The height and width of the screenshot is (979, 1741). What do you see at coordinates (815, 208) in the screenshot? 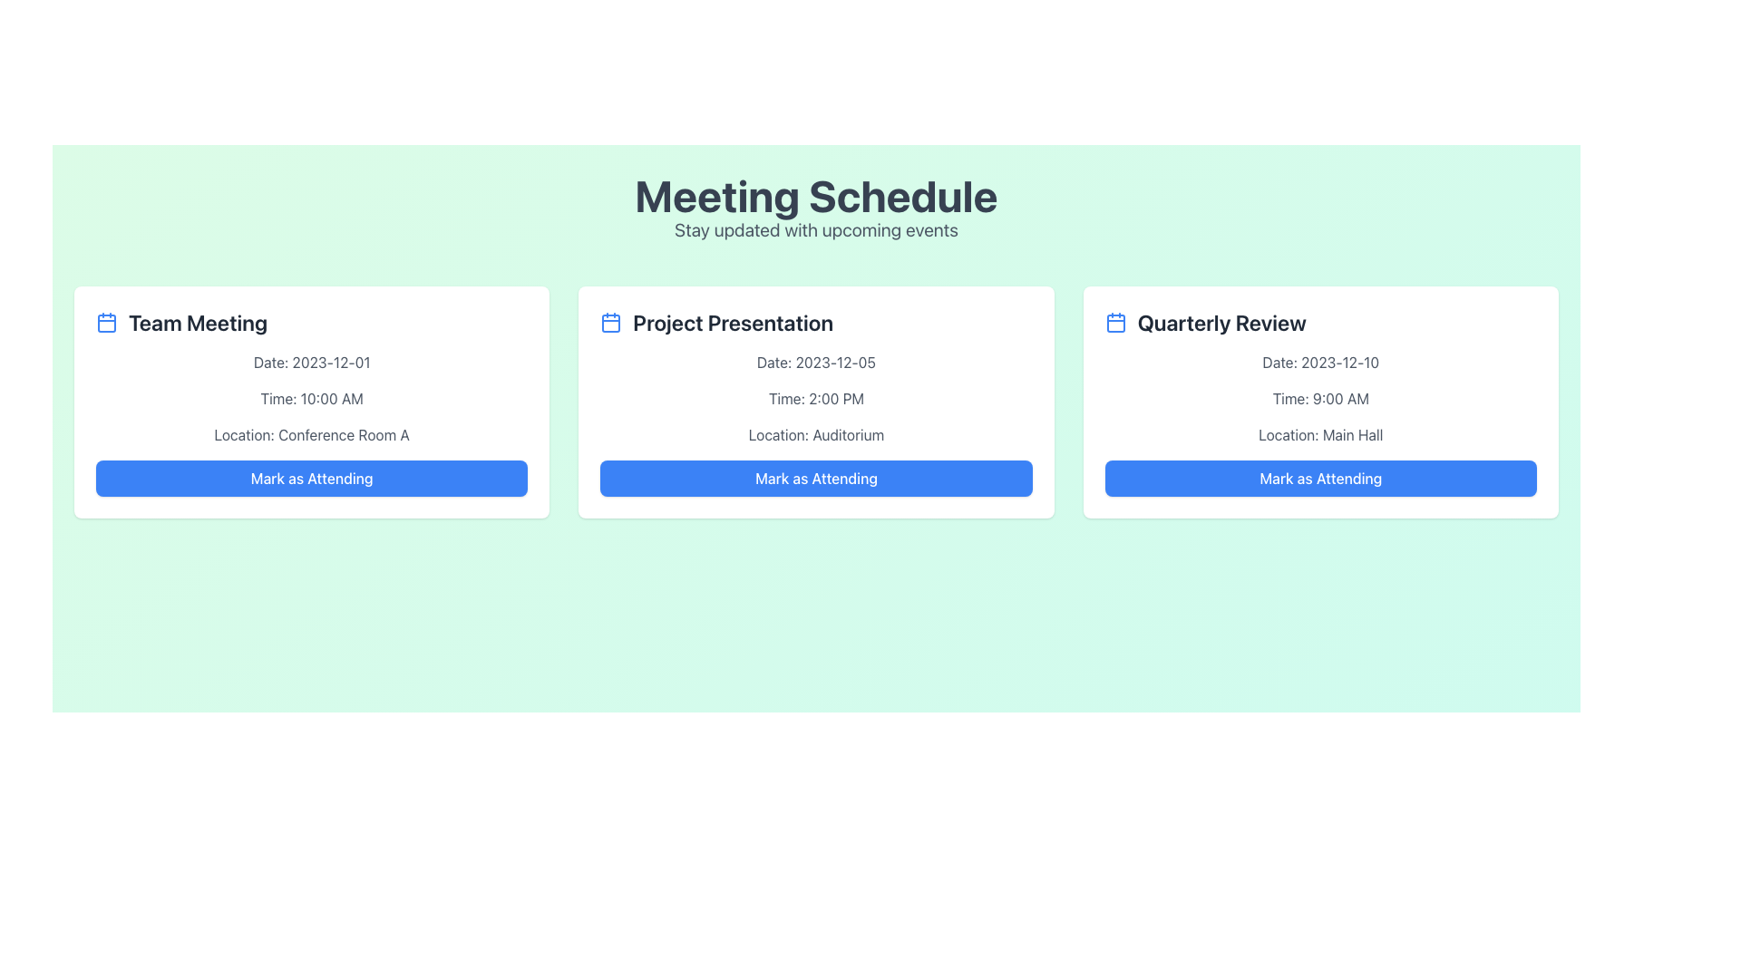
I see `the Text Block titled 'Meeting Schedule', which prominently displays the first line in a large, bold font and a subtitle underneath` at bounding box center [815, 208].